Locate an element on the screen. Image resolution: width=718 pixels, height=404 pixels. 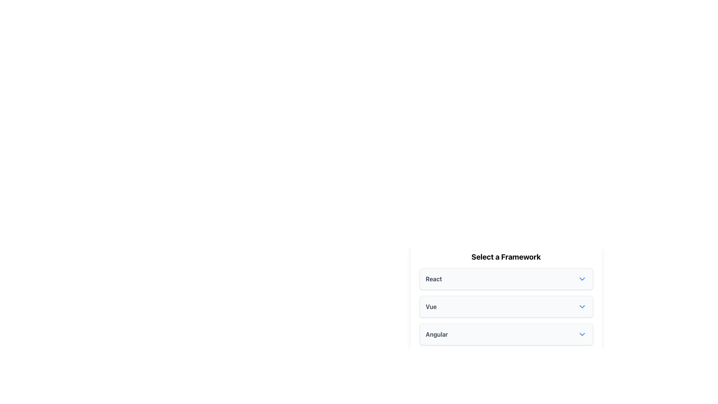
the second button in the vertical stack of framework options is located at coordinates (506, 312).